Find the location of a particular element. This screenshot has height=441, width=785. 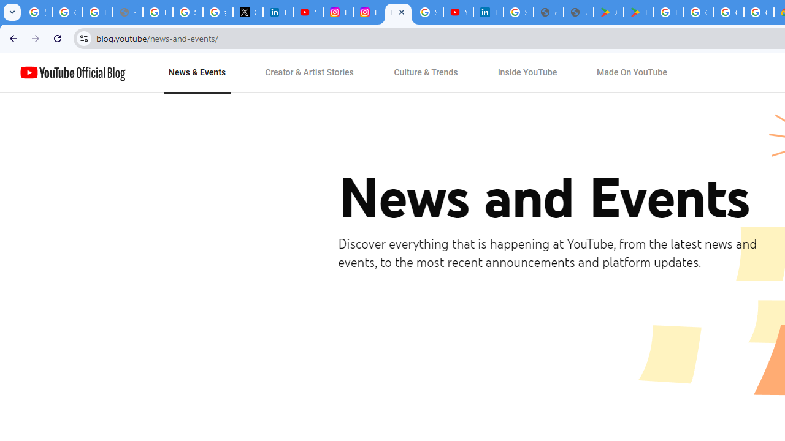

'Android Apps on Google Play' is located at coordinates (608, 12).